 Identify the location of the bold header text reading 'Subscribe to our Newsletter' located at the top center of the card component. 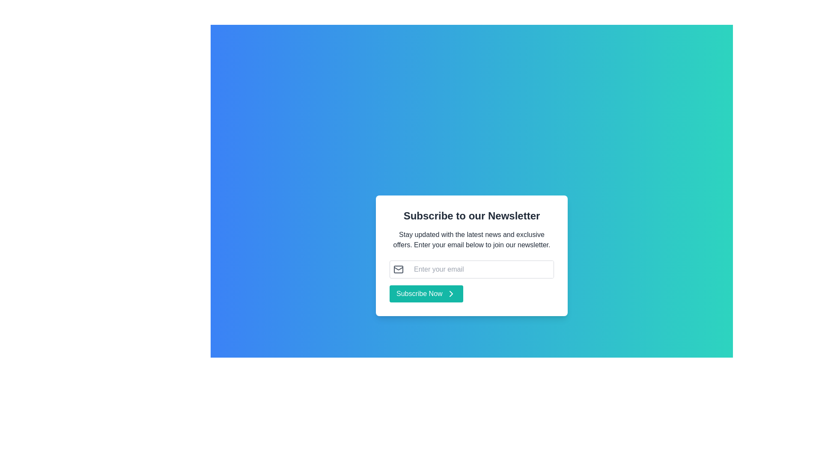
(471, 216).